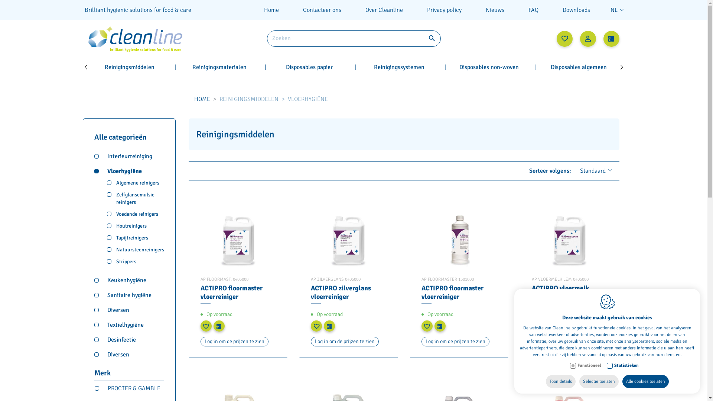 The width and height of the screenshot is (713, 401). I want to click on 'Voedende reinigers', so click(135, 212).